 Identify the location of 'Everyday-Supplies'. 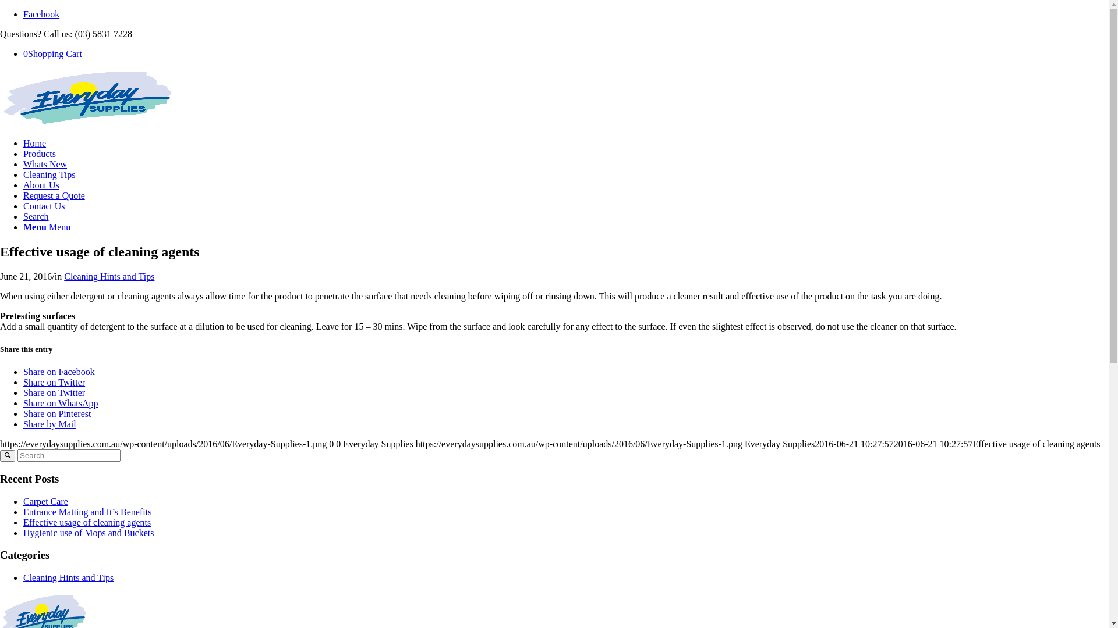
(0, 123).